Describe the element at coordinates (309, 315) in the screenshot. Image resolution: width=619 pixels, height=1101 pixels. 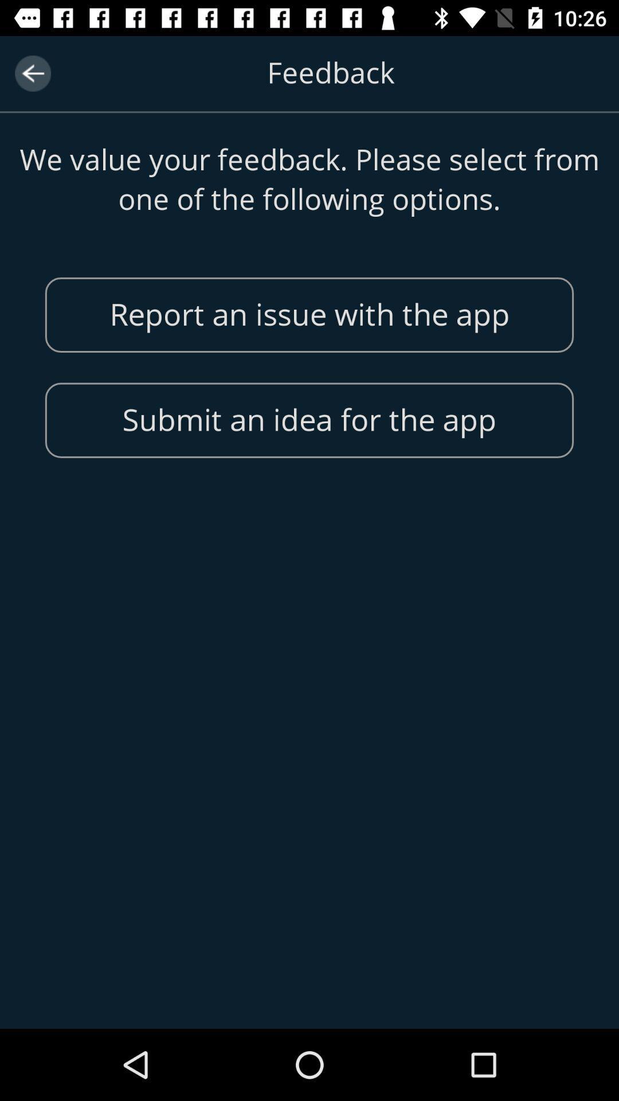
I see `enter the first button in feedback` at that location.